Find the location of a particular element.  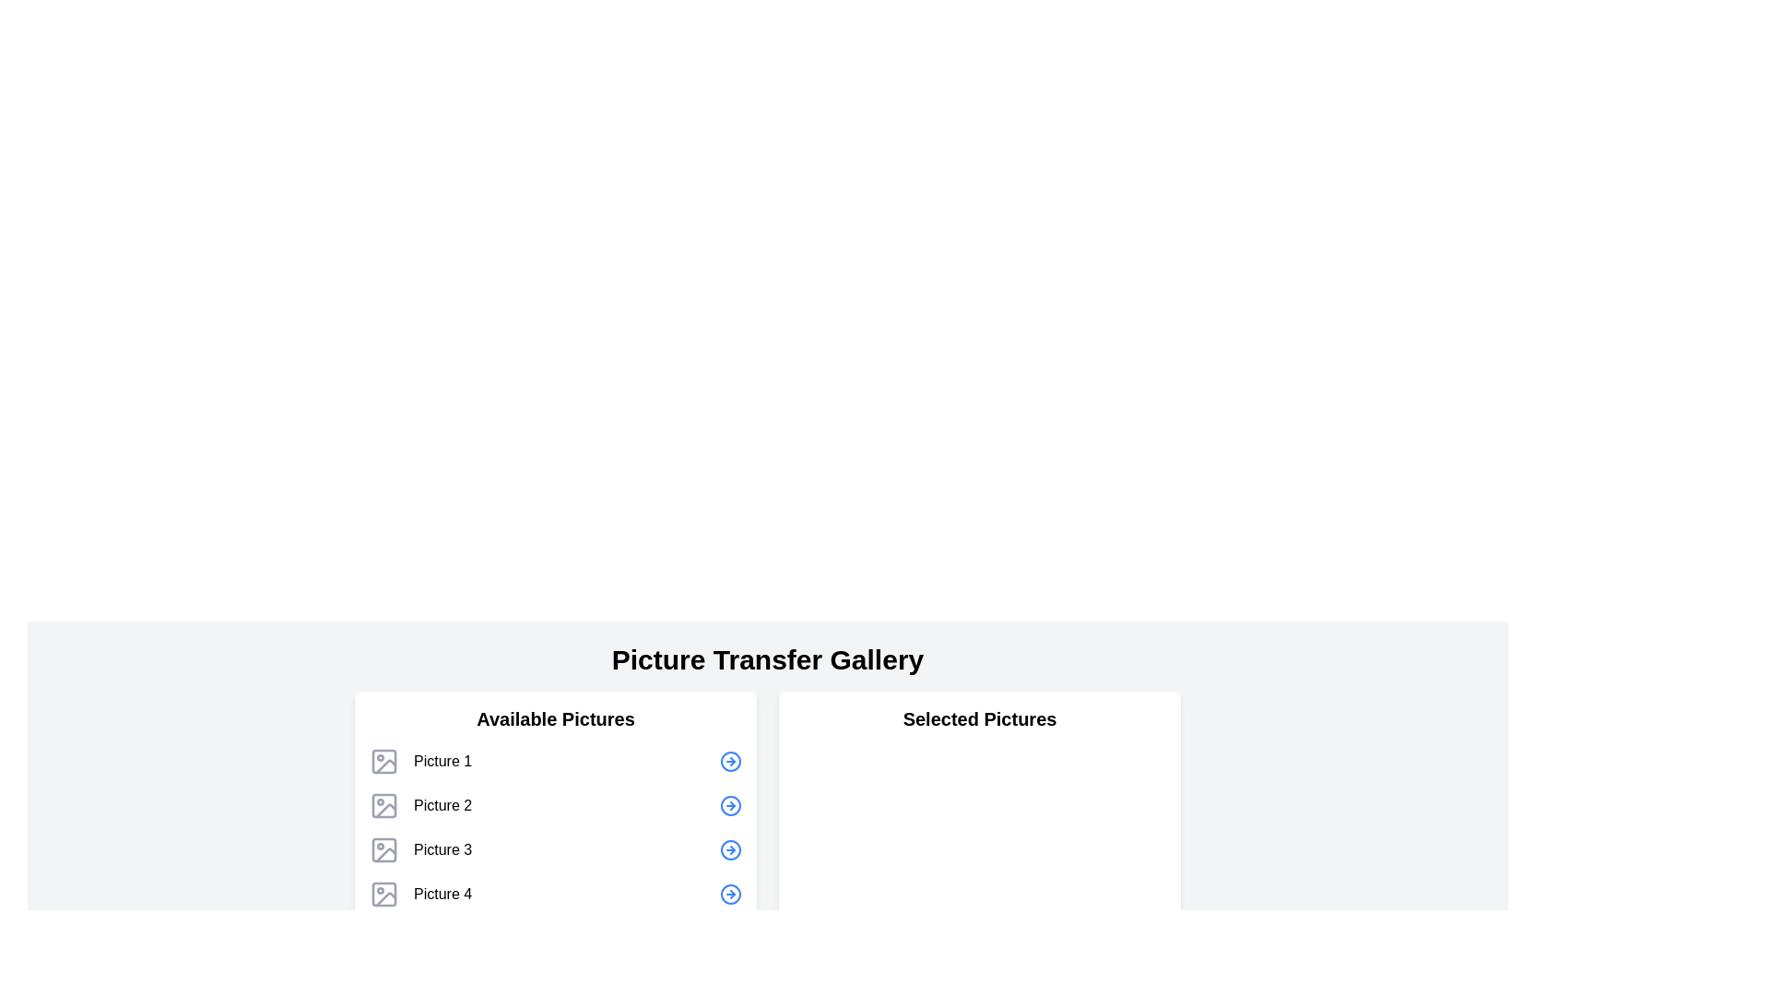

the 'Picture 4' image icon in the 'Available Pictures' list under the 'Picture Transfer Gallery' to invoke associated actions is located at coordinates (384, 898).